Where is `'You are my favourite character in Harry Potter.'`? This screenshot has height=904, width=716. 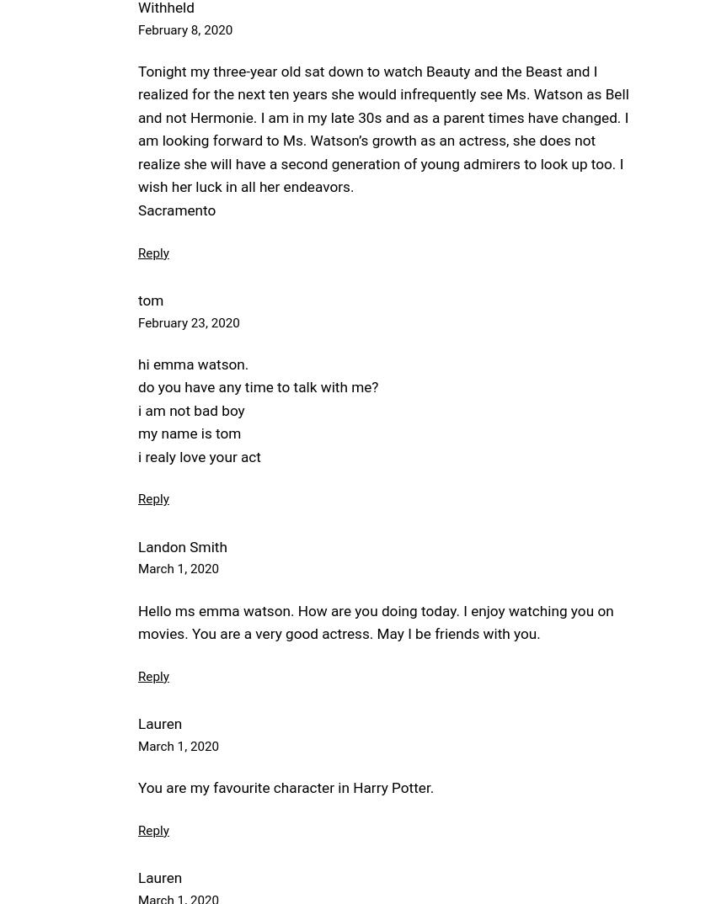 'You are my favourite character in Harry Potter.' is located at coordinates (286, 787).